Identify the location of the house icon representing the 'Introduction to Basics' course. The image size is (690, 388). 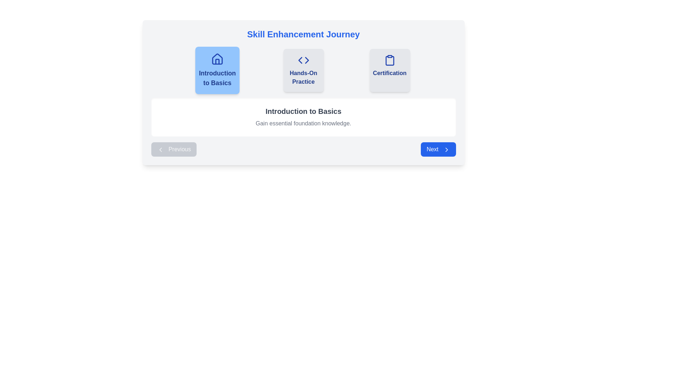
(217, 59).